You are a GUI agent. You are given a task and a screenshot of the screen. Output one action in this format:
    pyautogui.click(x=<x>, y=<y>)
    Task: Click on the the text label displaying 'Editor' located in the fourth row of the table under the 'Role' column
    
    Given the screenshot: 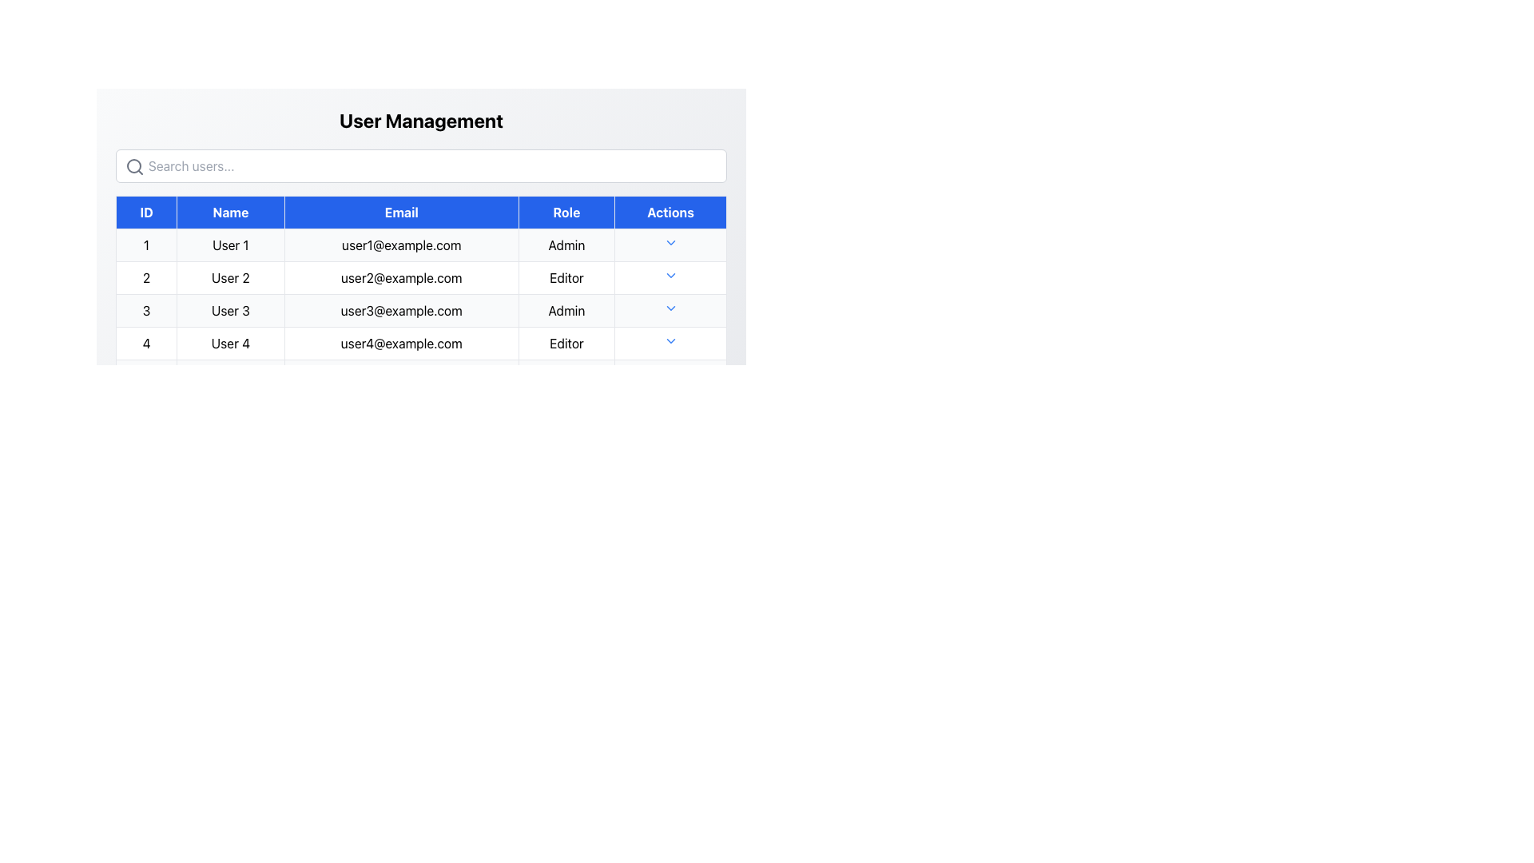 What is the action you would take?
    pyautogui.click(x=566, y=342)
    